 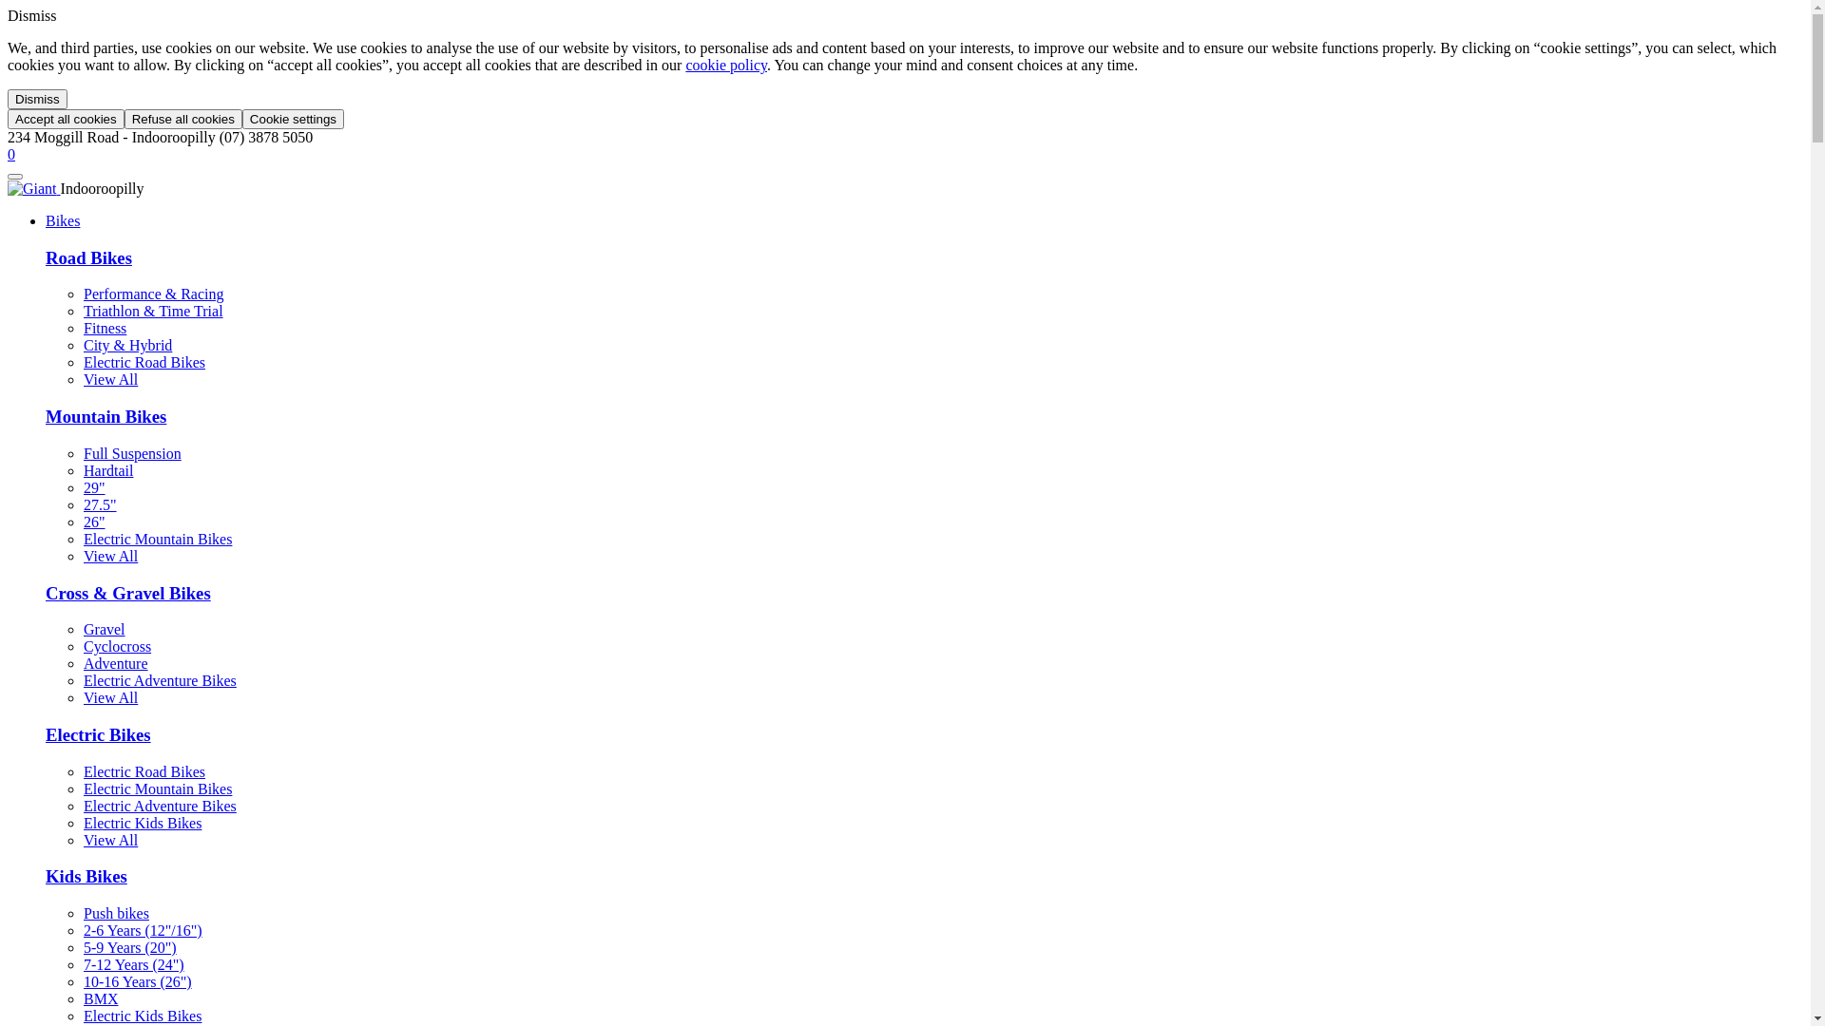 I want to click on 'Electric Kids Bikes', so click(x=141, y=1015).